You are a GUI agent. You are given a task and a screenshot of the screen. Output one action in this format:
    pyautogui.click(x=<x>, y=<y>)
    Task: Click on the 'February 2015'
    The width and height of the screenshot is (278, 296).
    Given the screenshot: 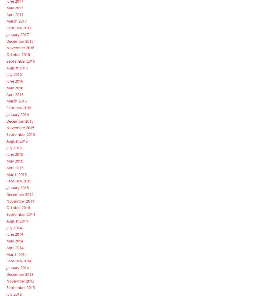 What is the action you would take?
    pyautogui.click(x=18, y=181)
    